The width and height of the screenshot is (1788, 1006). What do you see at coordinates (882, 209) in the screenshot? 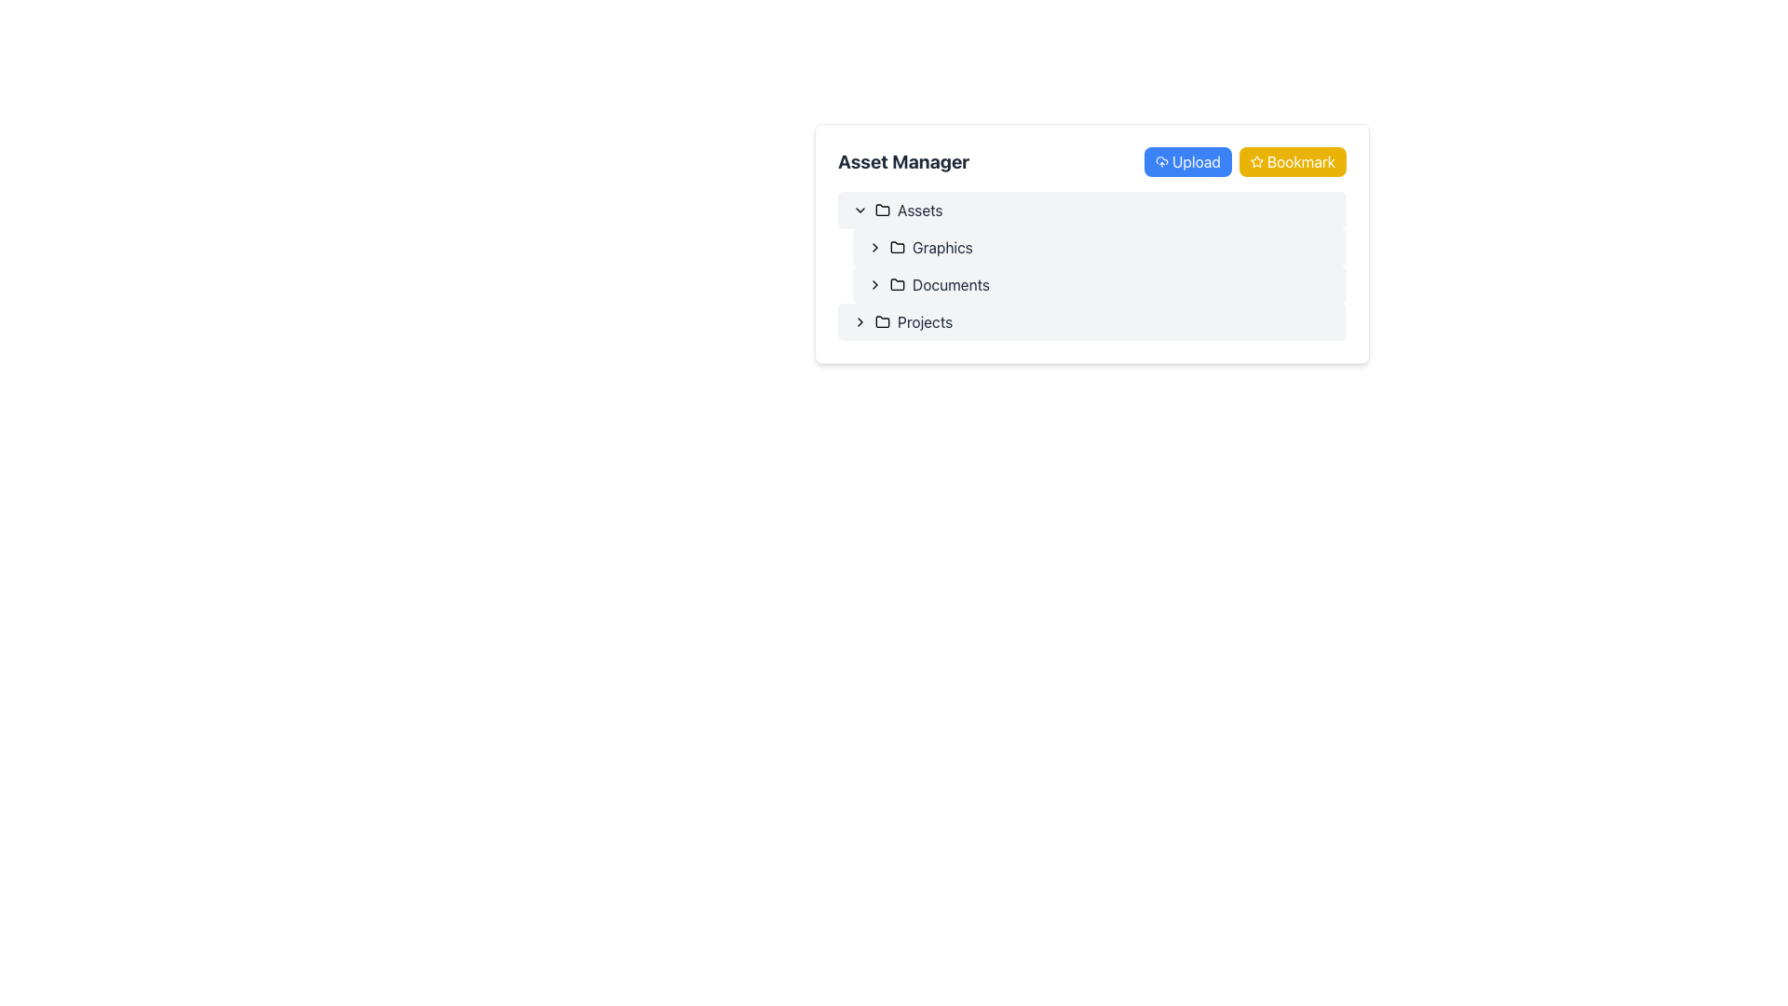
I see `the folder icon representing the 'Assets' folder` at bounding box center [882, 209].